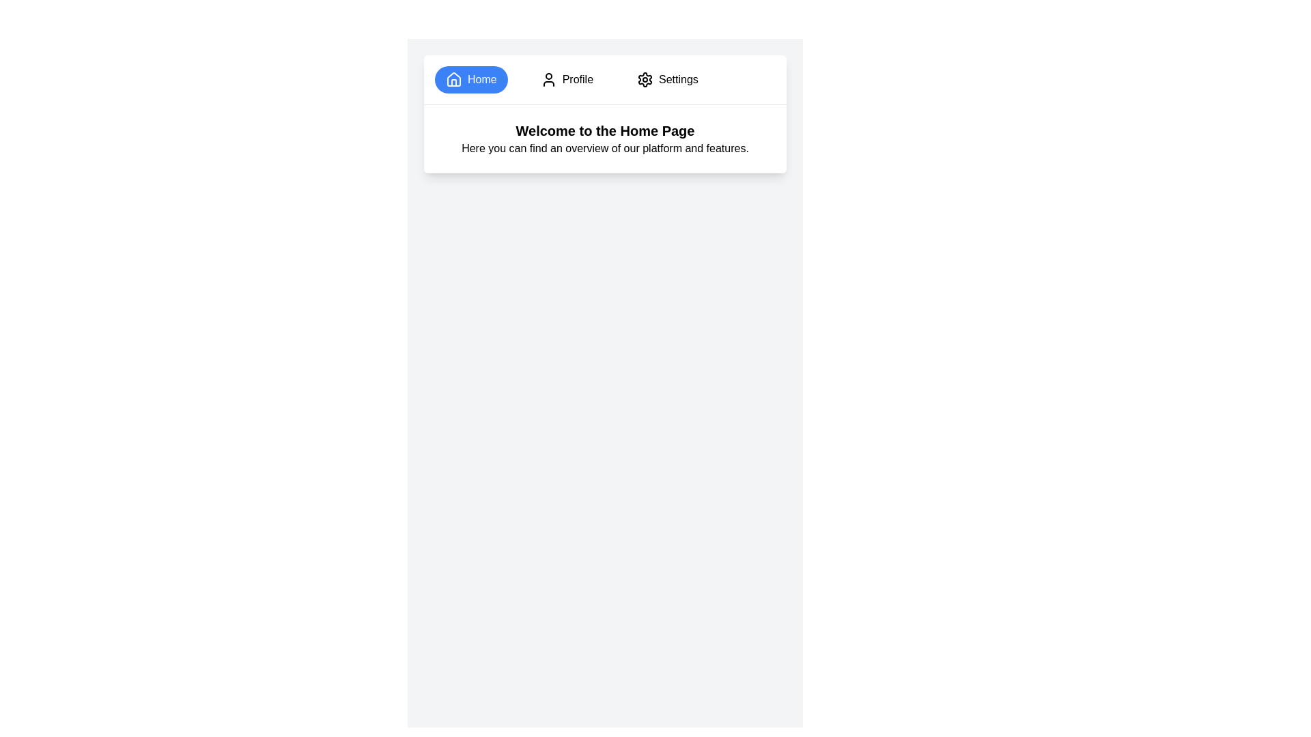 The height and width of the screenshot is (737, 1311). What do you see at coordinates (604, 131) in the screenshot?
I see `text of the header located at the upper portion of the page, directly below the navigation bar, serving as the title or welcoming message` at bounding box center [604, 131].